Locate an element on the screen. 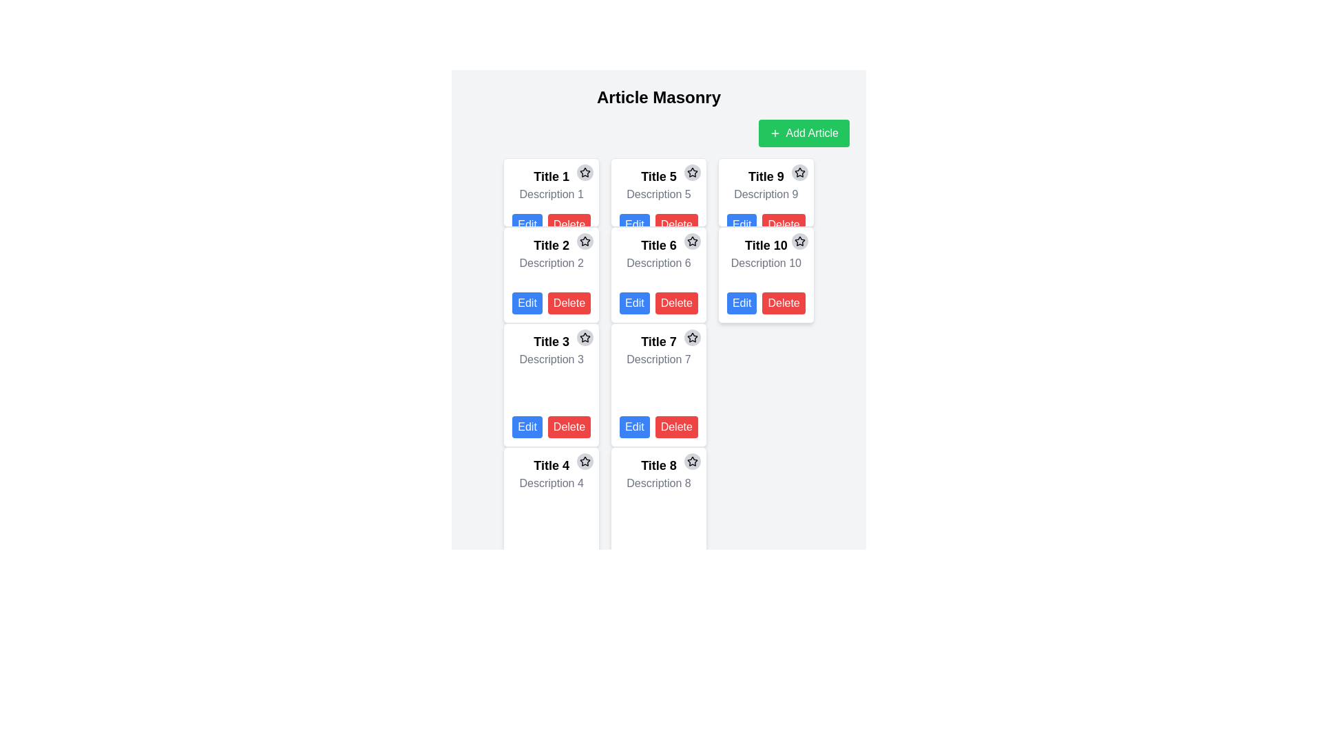  the text label displaying 'Title 3', which is bold and large, located at the top of the card containing action buttons 'Edit' and 'Delete' is located at coordinates (552, 341).